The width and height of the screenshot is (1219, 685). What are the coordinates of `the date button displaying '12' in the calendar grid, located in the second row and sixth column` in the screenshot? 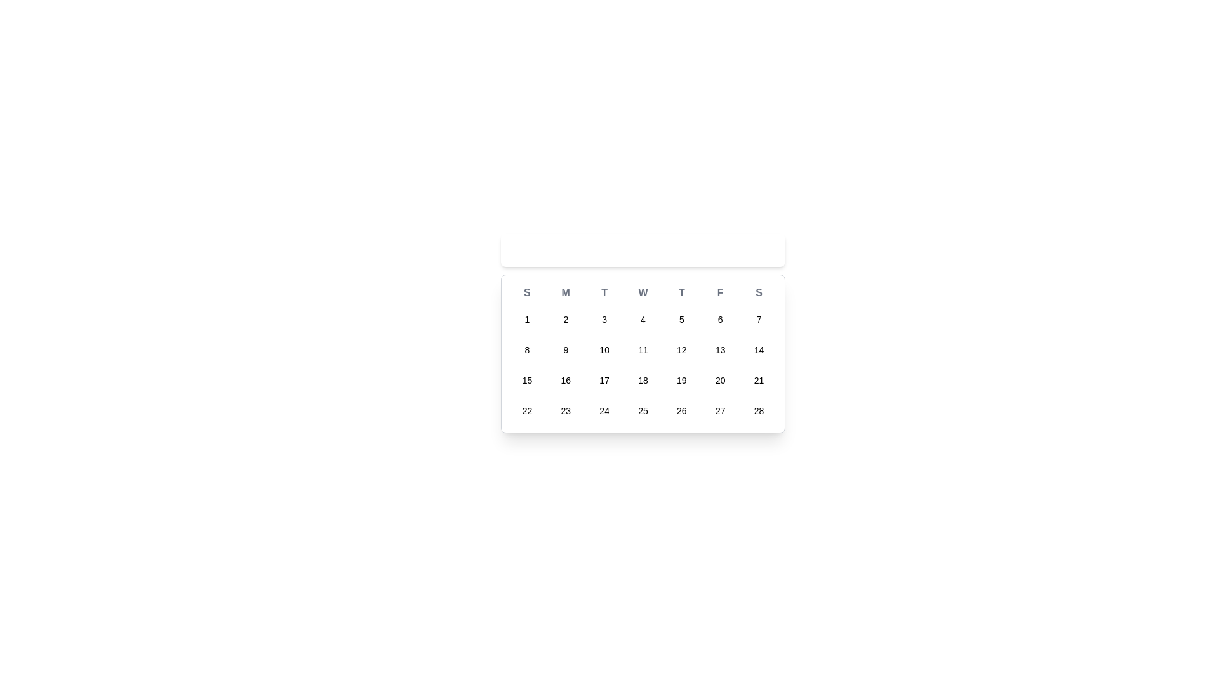 It's located at (681, 349).